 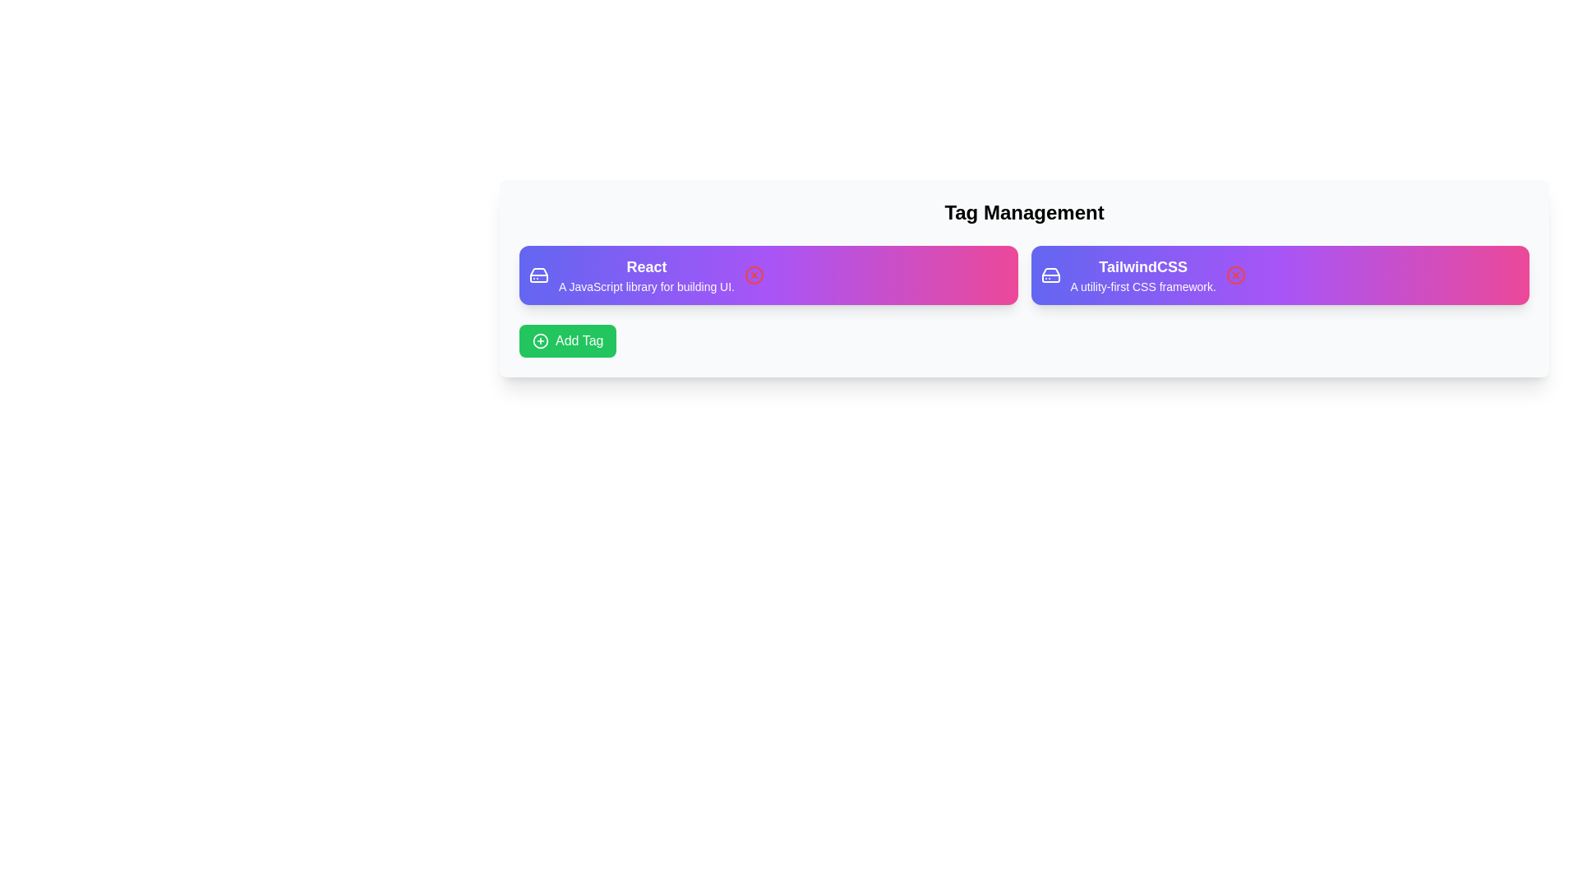 What do you see at coordinates (1235, 275) in the screenshot?
I see `the close button located at the top-right corner of the 'TailwindCSS' card` at bounding box center [1235, 275].